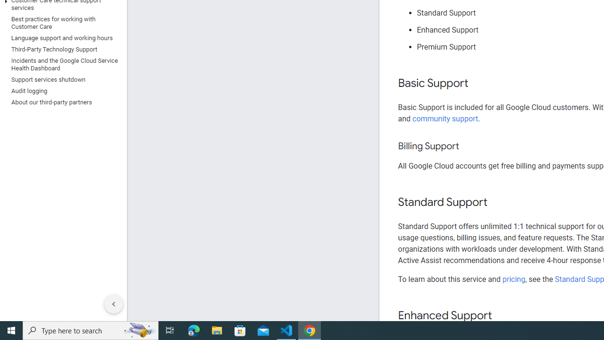 This screenshot has height=340, width=604. I want to click on 'Copy link to this section: Billing Support', so click(468, 146).